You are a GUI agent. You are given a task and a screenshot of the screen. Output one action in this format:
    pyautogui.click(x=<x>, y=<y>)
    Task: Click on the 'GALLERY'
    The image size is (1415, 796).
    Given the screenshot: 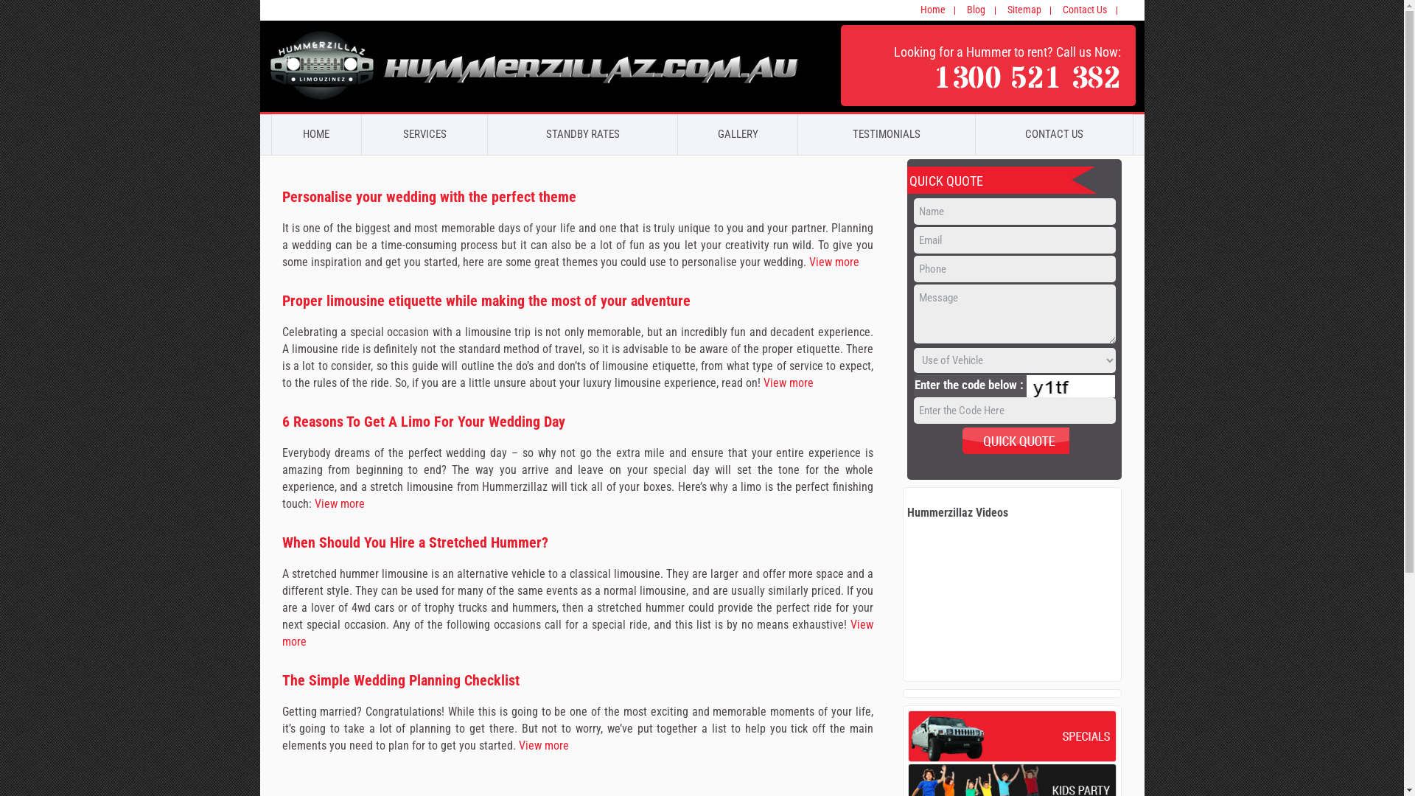 What is the action you would take?
    pyautogui.click(x=737, y=134)
    